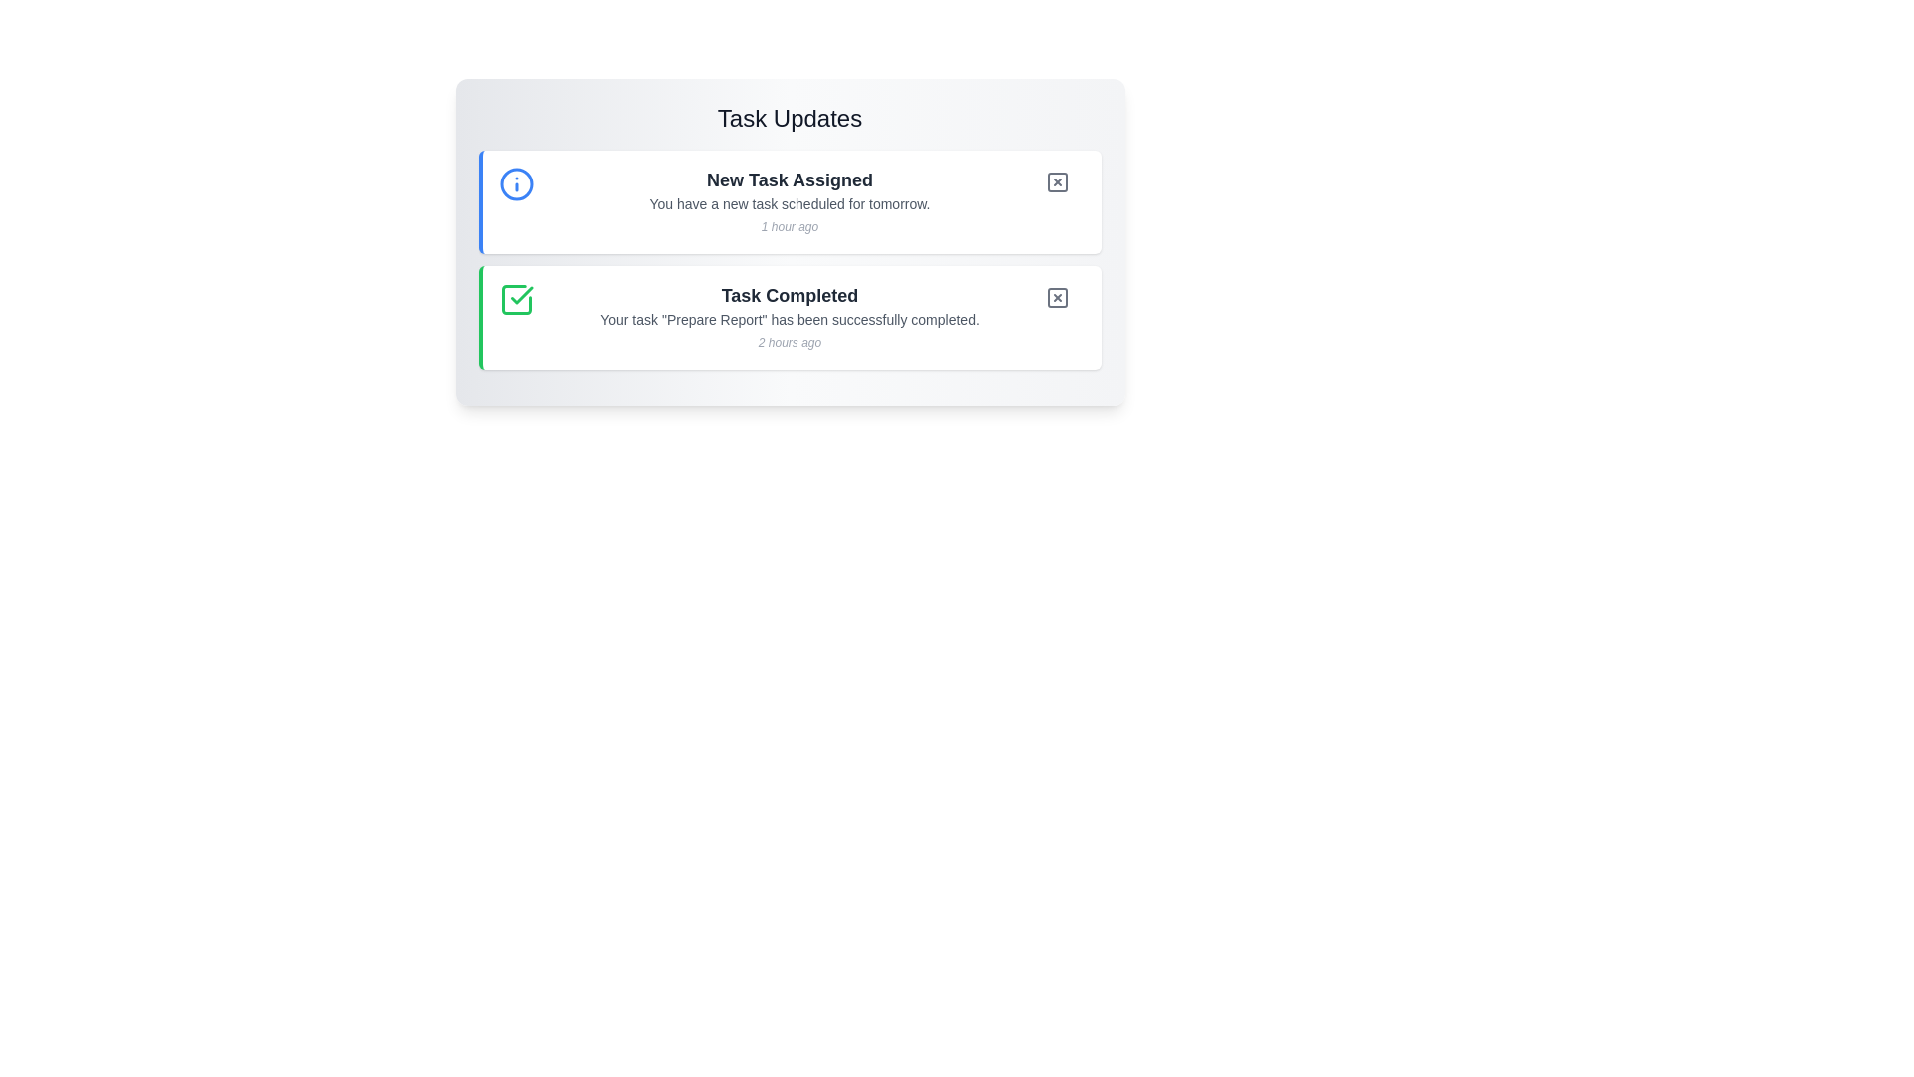 The width and height of the screenshot is (1914, 1077). Describe the element at coordinates (789, 225) in the screenshot. I see `text label displaying '1 hour ago', which is styled in a small, italicized font and located at the bottom-right of the 'New Task Assigned' notification box` at that location.